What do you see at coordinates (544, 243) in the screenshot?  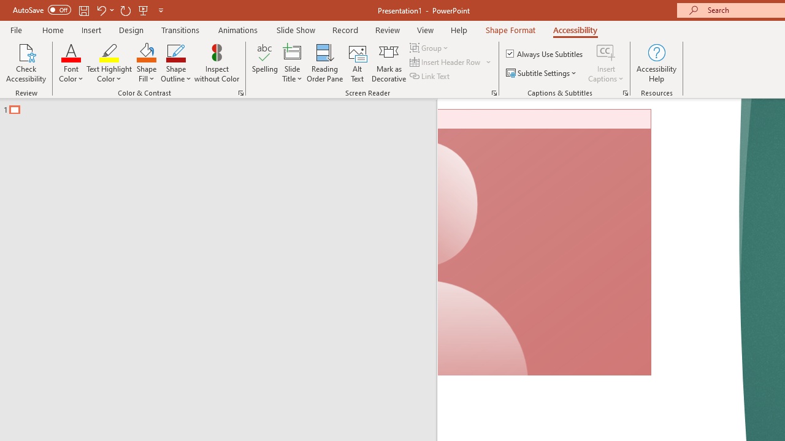 I see `'Camera 7, No camera detected.'` at bounding box center [544, 243].